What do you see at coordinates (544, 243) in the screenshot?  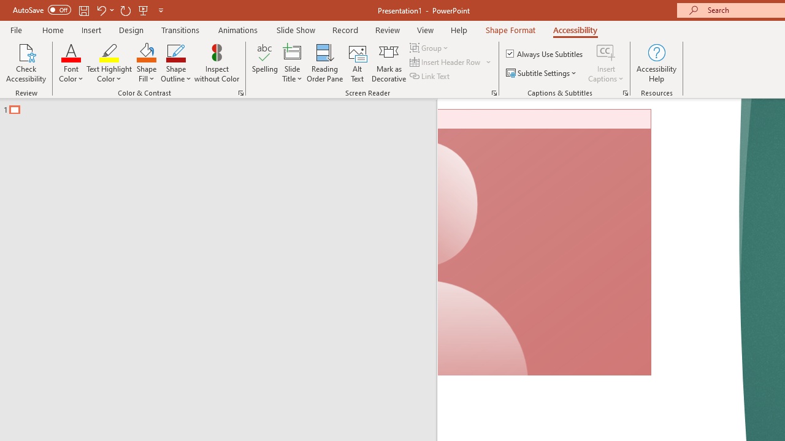 I see `'Camera 7, No camera detected.'` at bounding box center [544, 243].